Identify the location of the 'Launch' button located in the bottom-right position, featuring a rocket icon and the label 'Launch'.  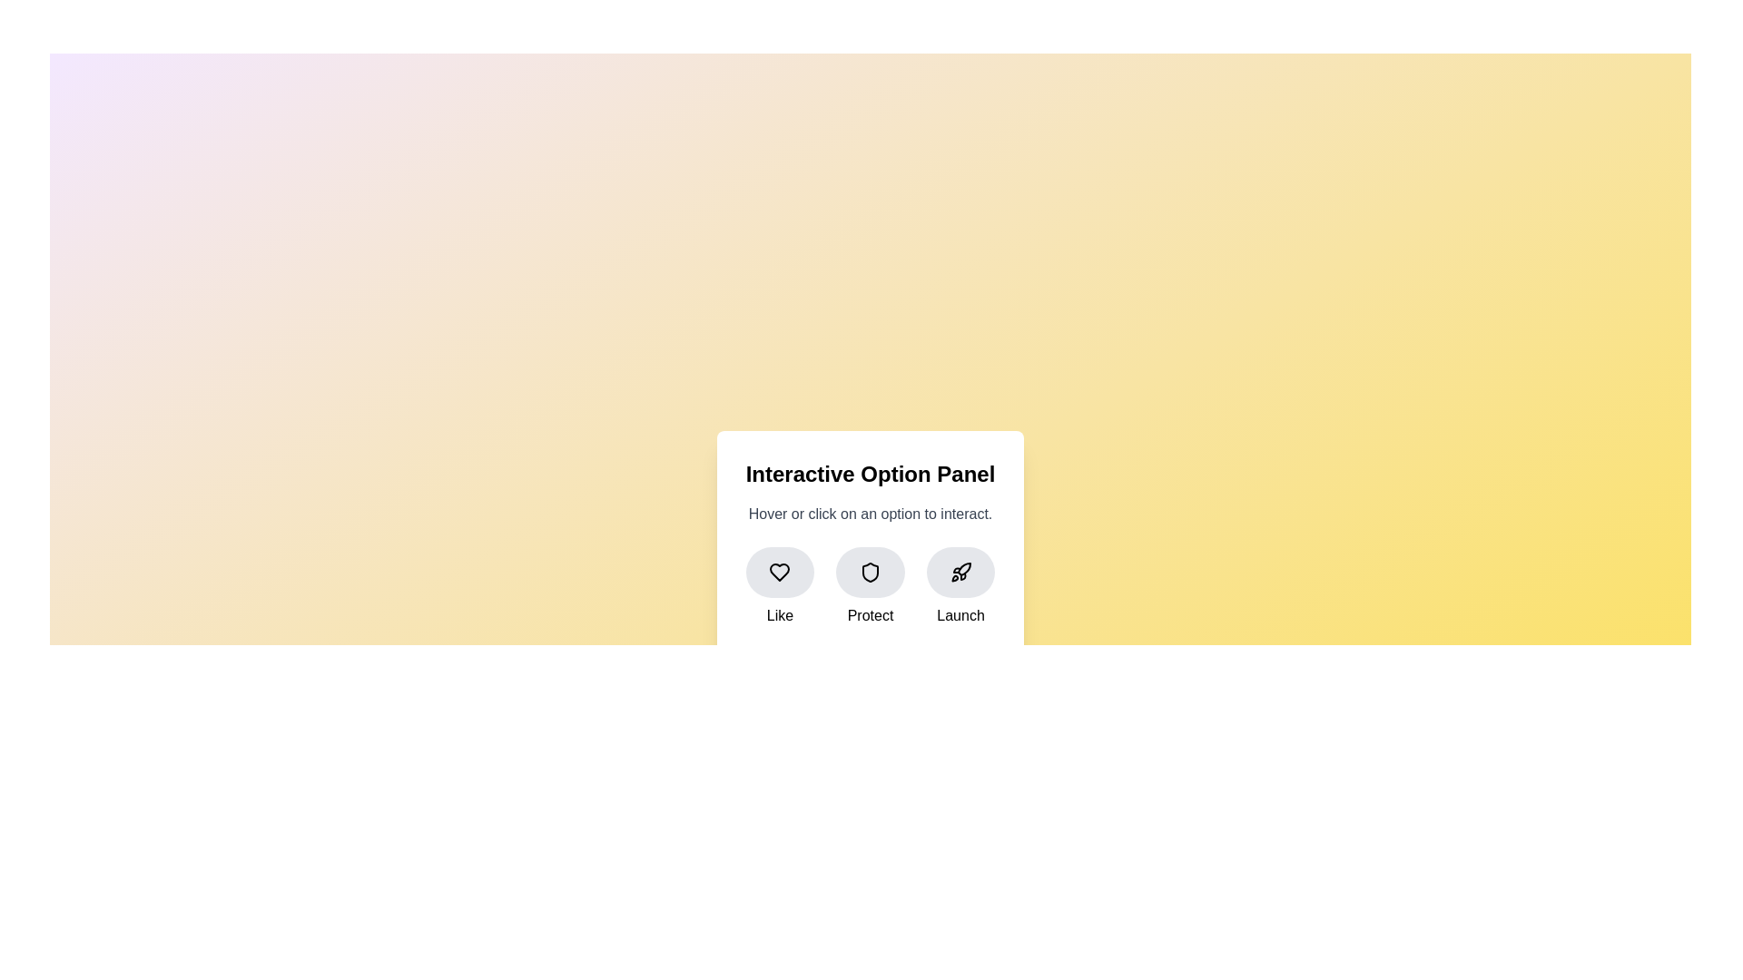
(960, 587).